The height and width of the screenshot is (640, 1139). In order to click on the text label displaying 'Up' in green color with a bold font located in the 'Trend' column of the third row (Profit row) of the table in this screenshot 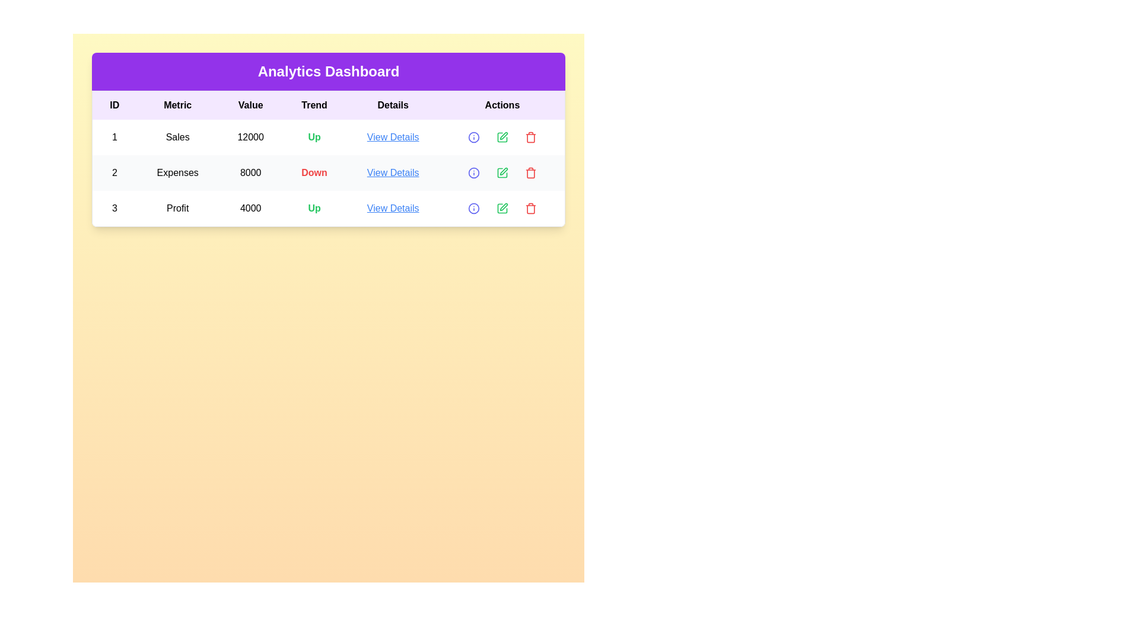, I will do `click(314, 207)`.